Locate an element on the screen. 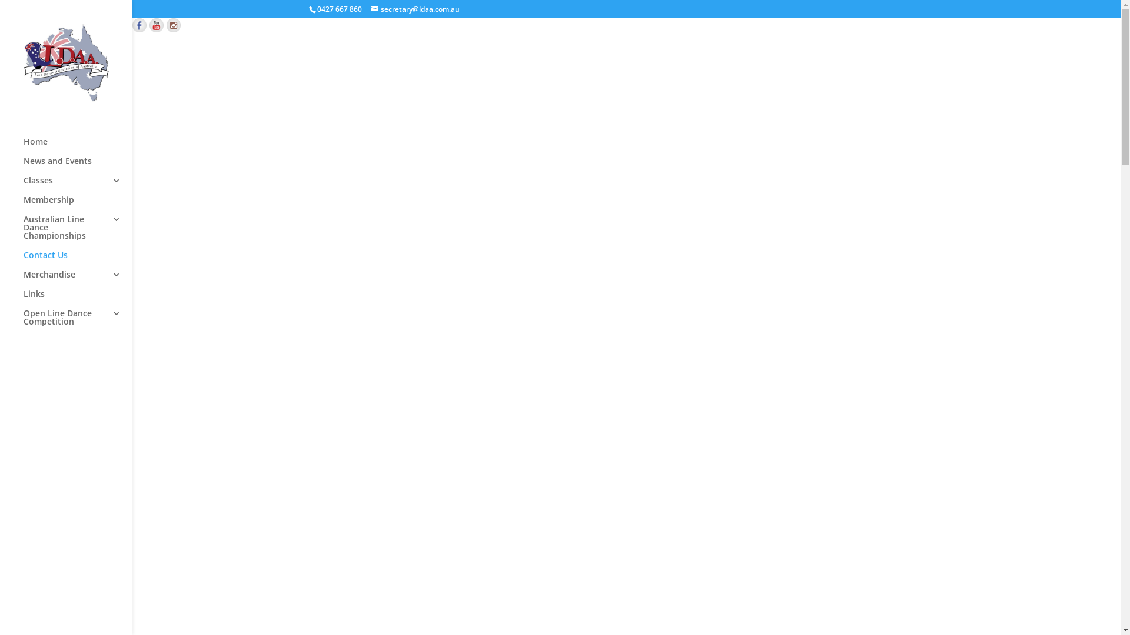  'Home' is located at coordinates (77, 146).